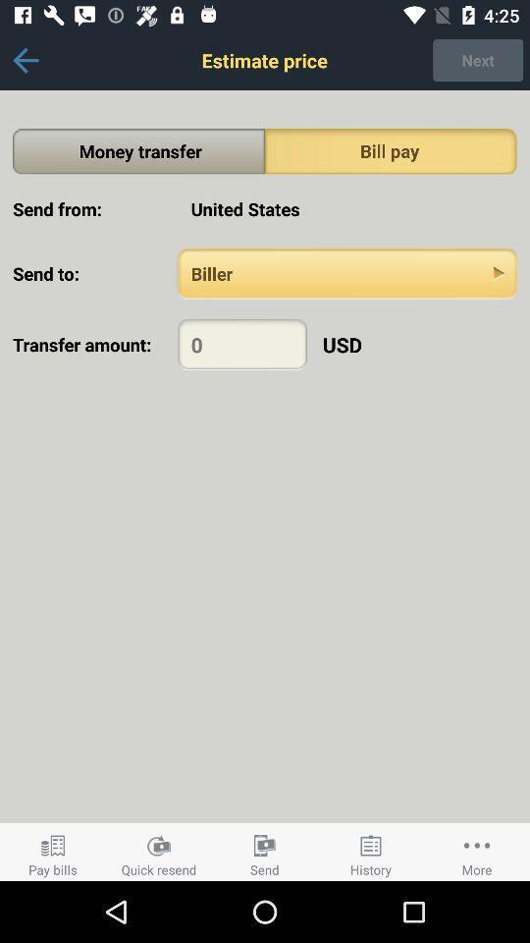 The width and height of the screenshot is (530, 943). What do you see at coordinates (25, 60) in the screenshot?
I see `go back` at bounding box center [25, 60].